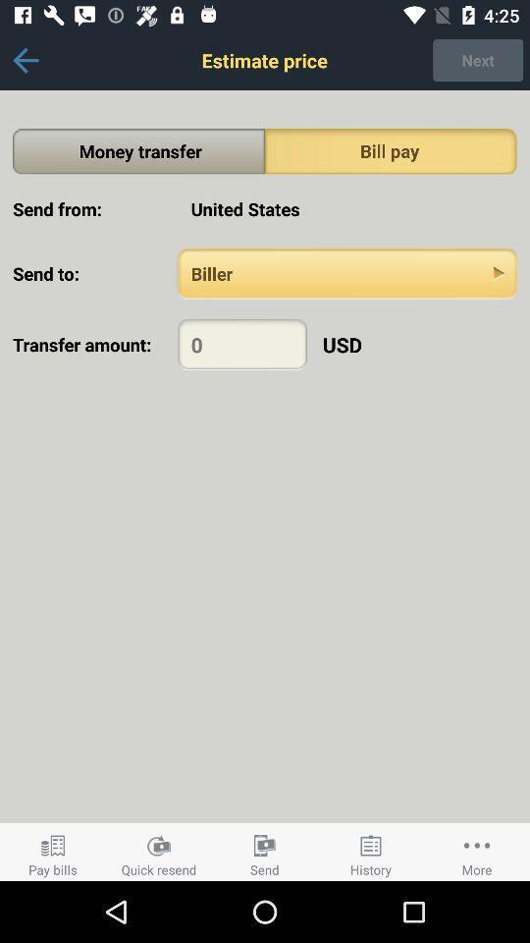 The width and height of the screenshot is (530, 943). What do you see at coordinates (25, 60) in the screenshot?
I see `go back` at bounding box center [25, 60].